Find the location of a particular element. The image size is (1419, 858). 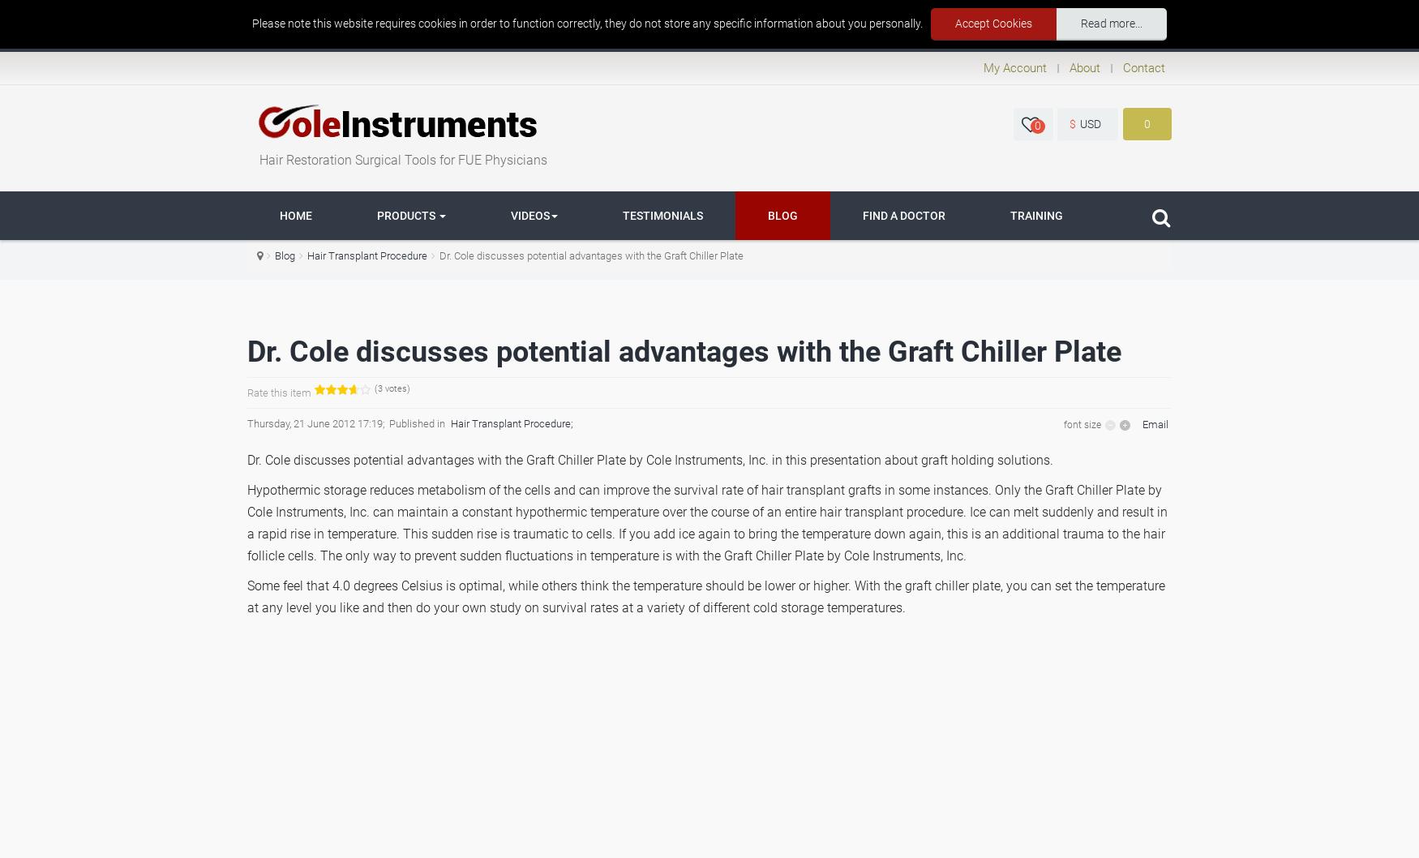

'About' is located at coordinates (1085, 68).